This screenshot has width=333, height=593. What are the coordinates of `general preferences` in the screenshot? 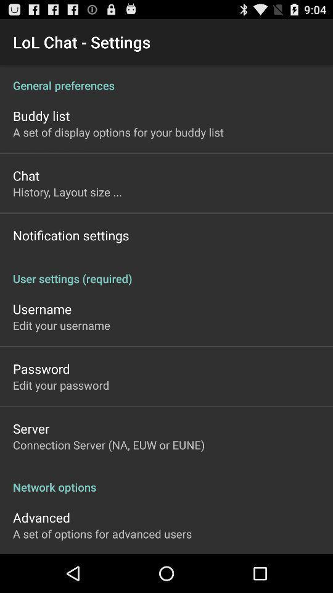 It's located at (166, 78).